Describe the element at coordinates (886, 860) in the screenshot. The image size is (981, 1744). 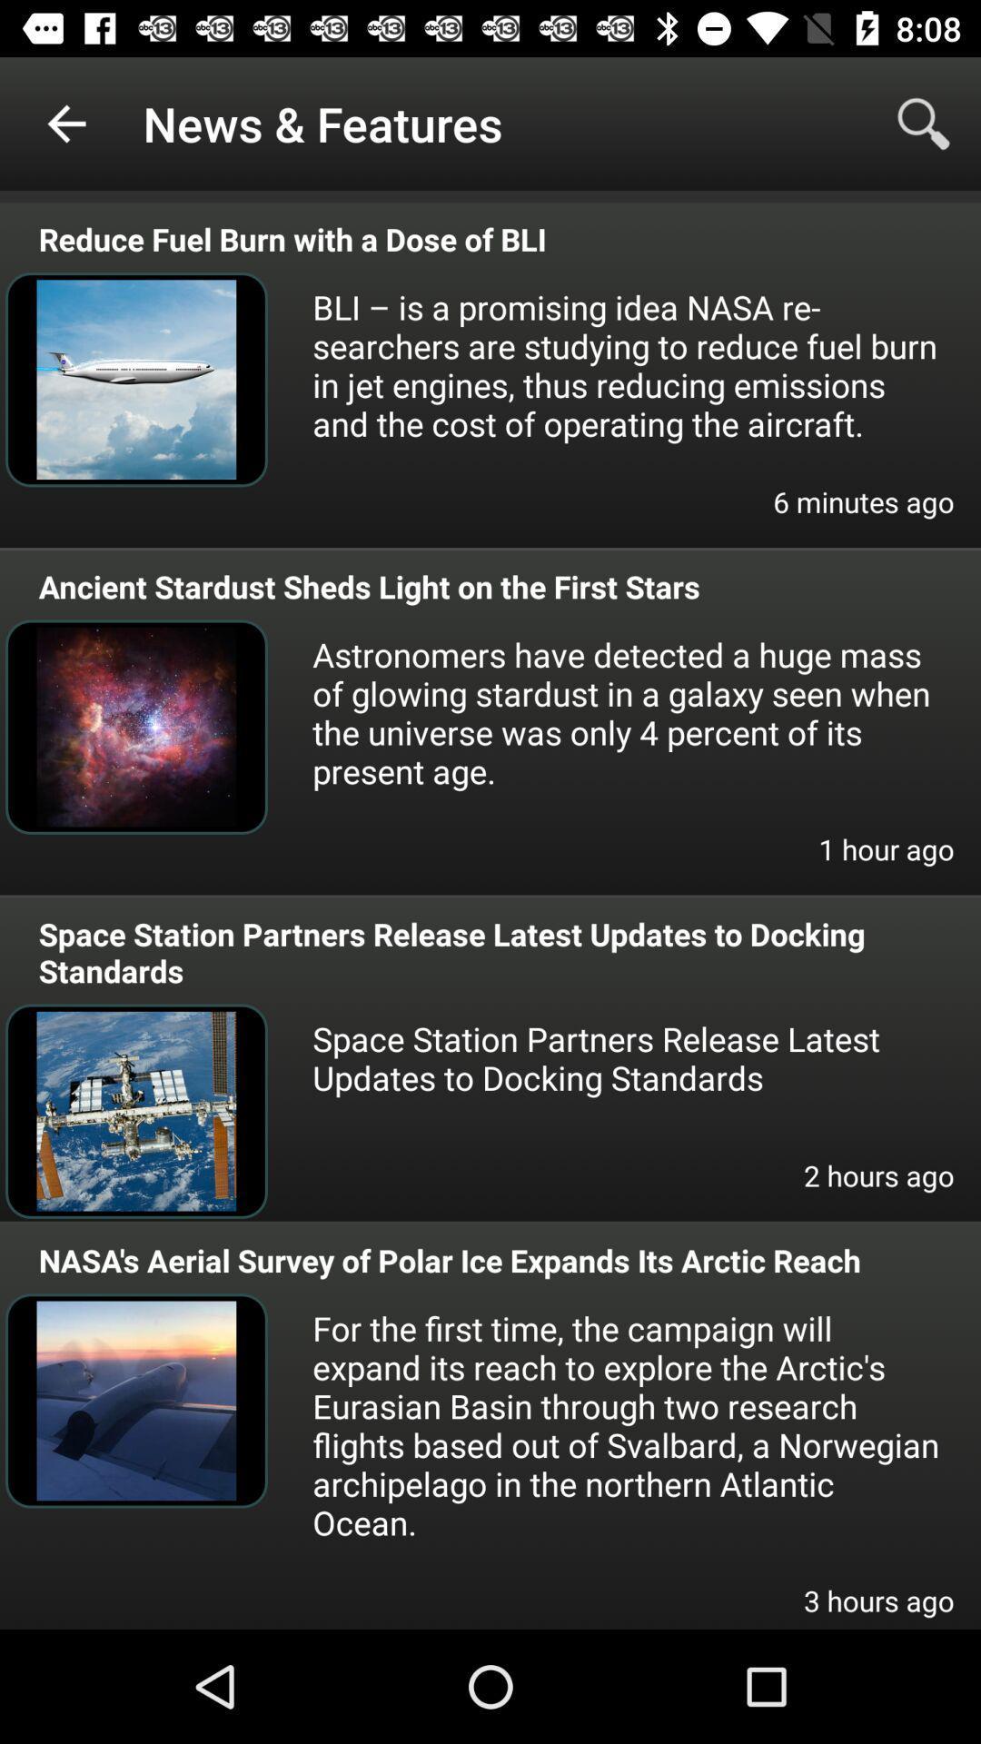
I see `1 hour ago icon` at that location.